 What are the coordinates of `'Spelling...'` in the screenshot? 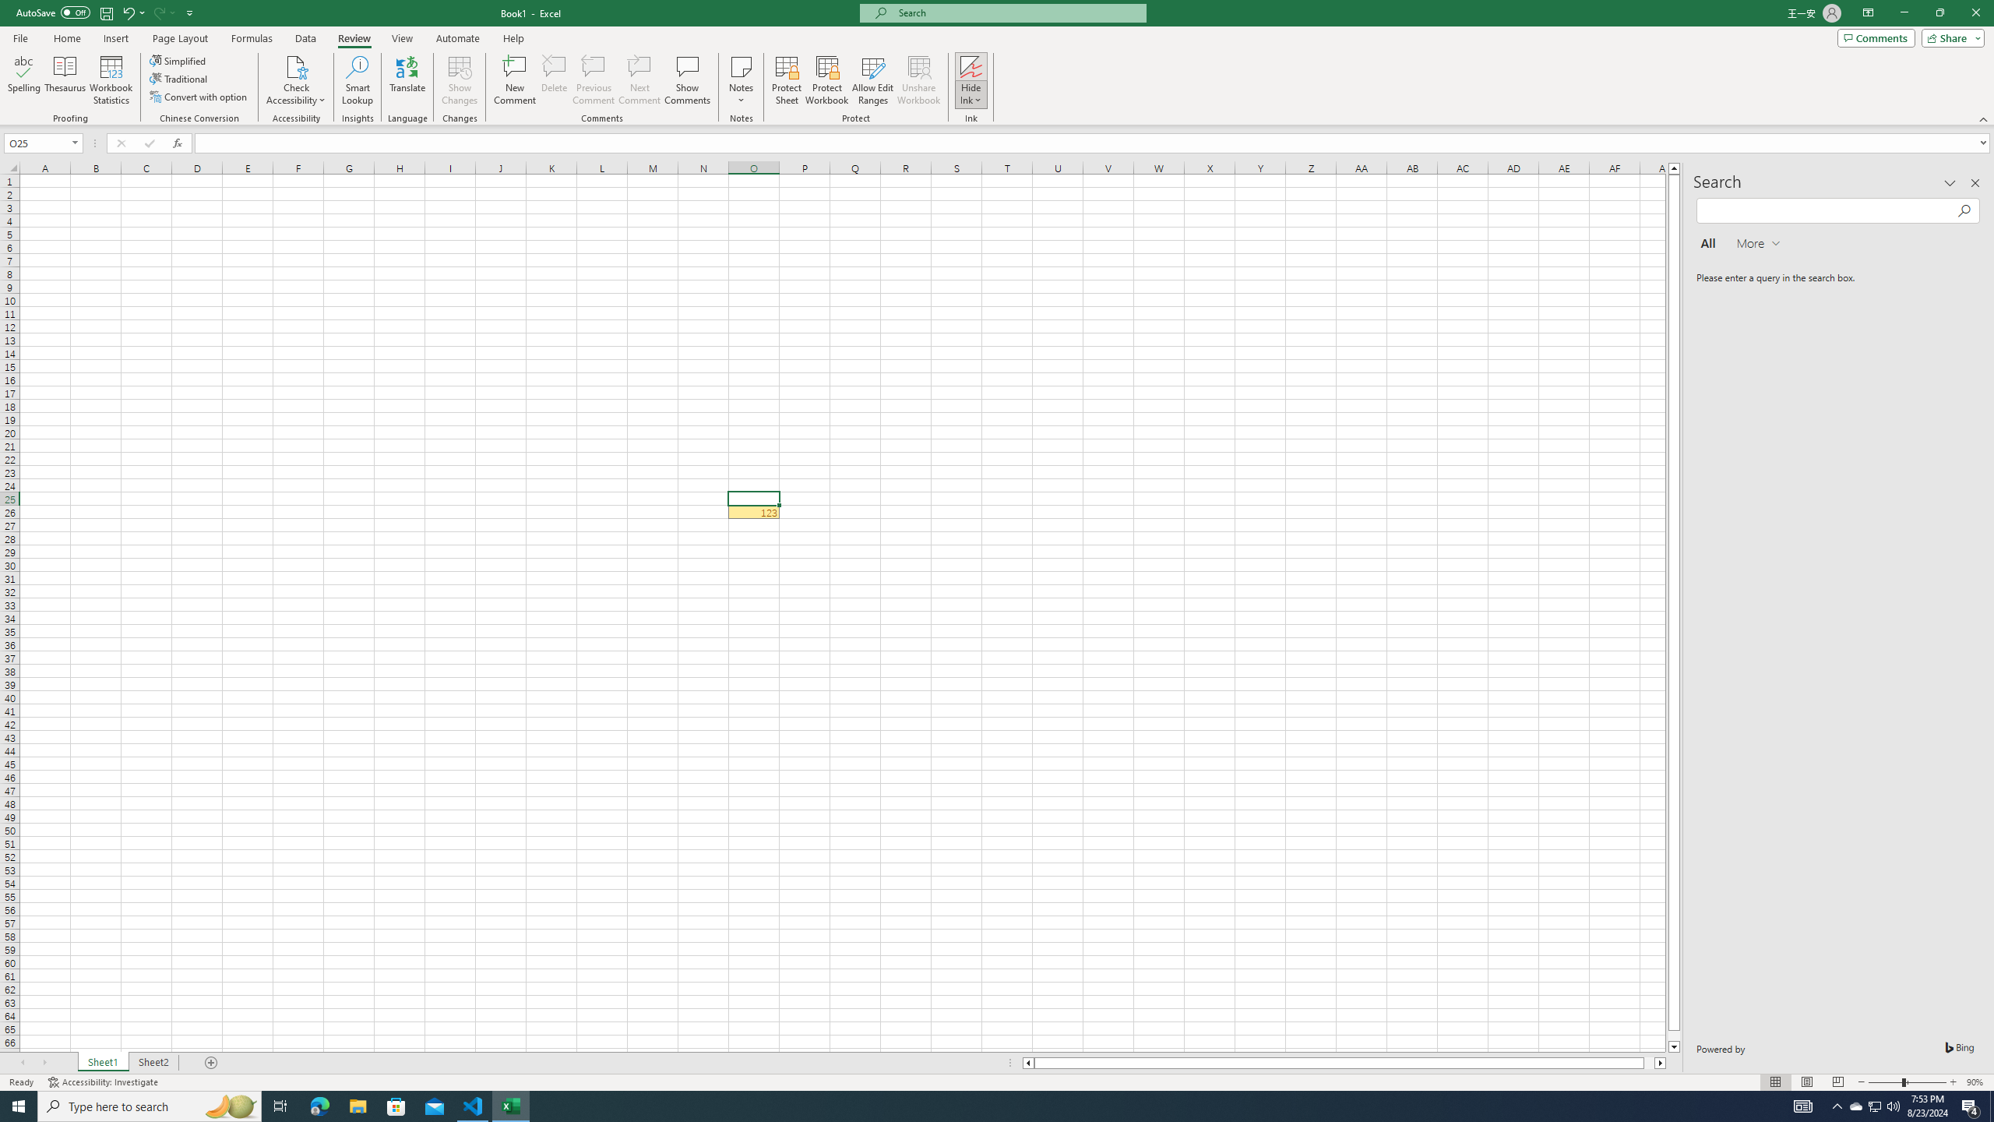 It's located at (23, 80).